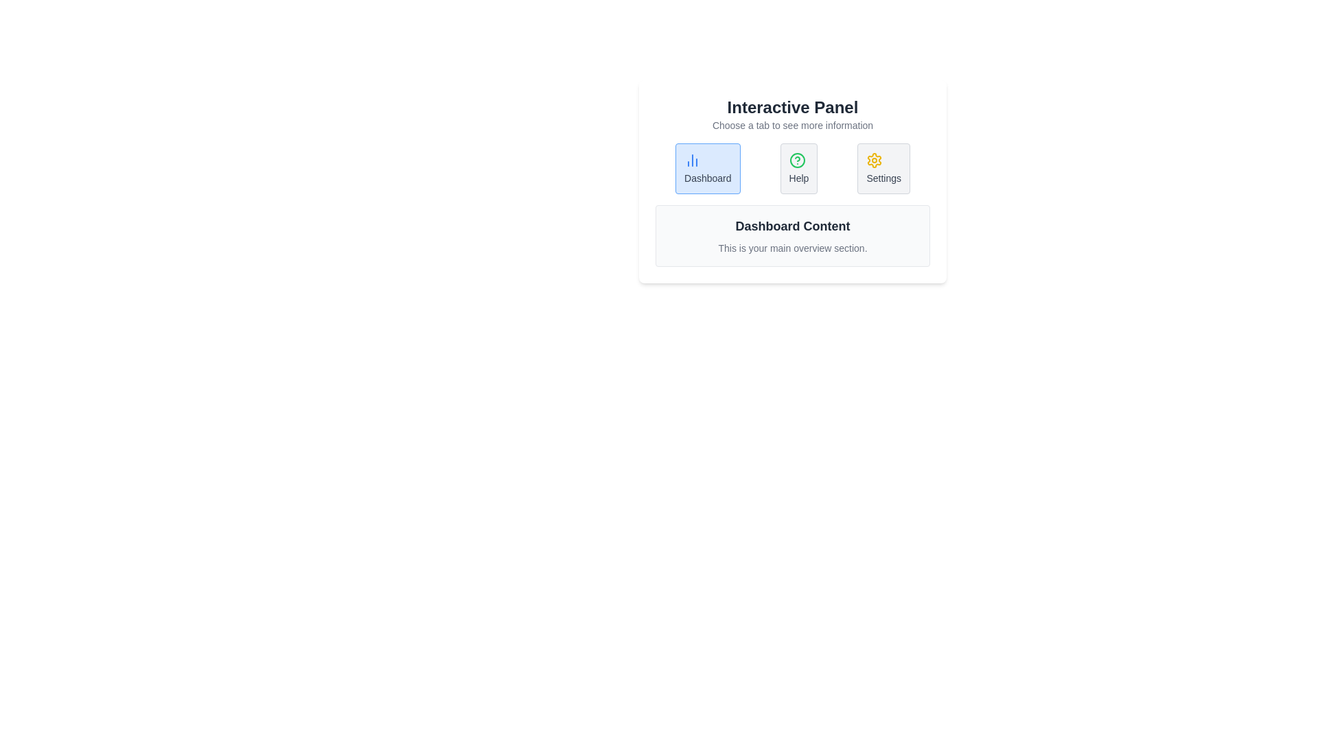  What do you see at coordinates (874, 160) in the screenshot?
I see `the gear icon located within the 'Settings' card, positioned above the 'Settings' label text in the bottom right of the interface` at bounding box center [874, 160].